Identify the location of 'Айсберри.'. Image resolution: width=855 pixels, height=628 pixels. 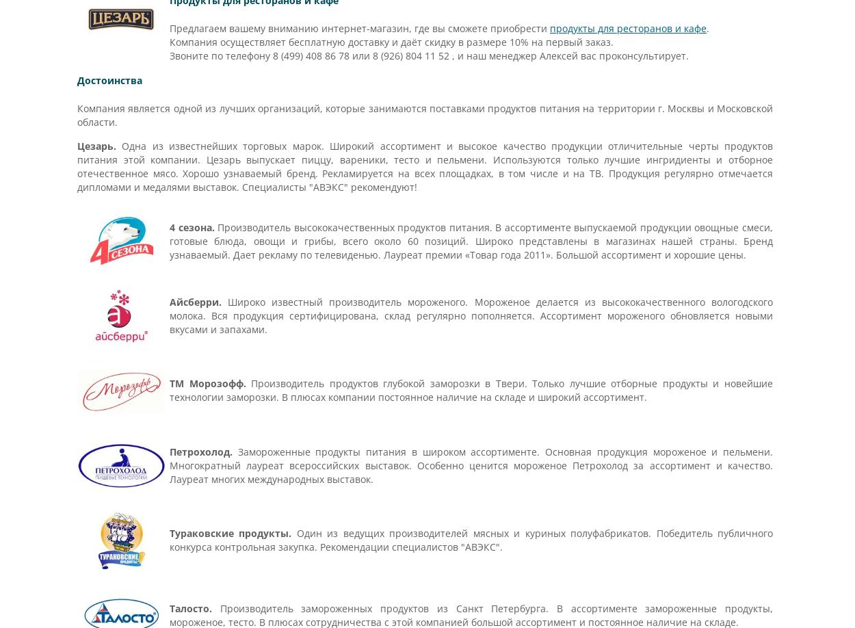
(196, 300).